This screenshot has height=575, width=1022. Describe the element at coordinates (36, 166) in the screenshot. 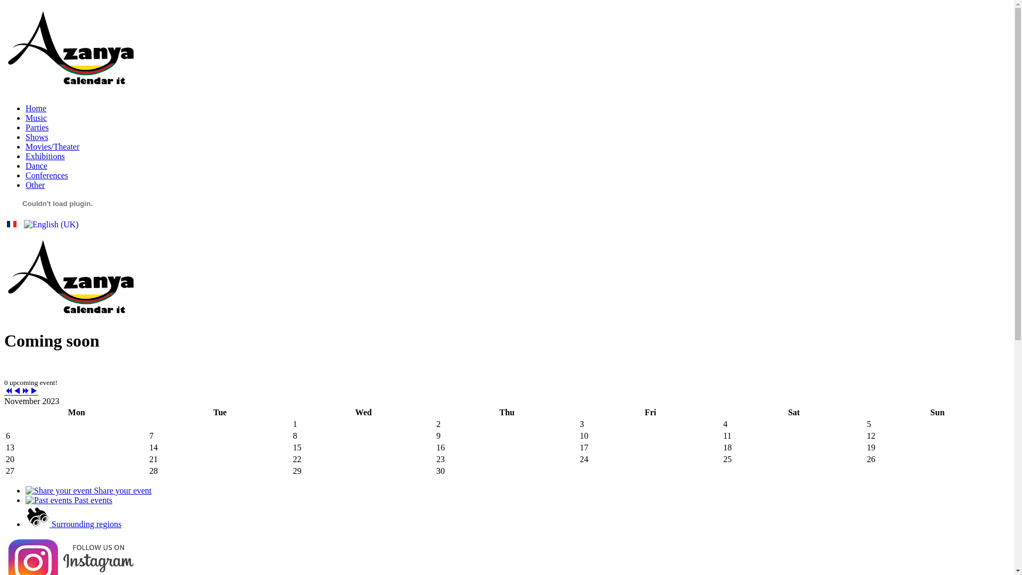

I see `'Dance'` at that location.